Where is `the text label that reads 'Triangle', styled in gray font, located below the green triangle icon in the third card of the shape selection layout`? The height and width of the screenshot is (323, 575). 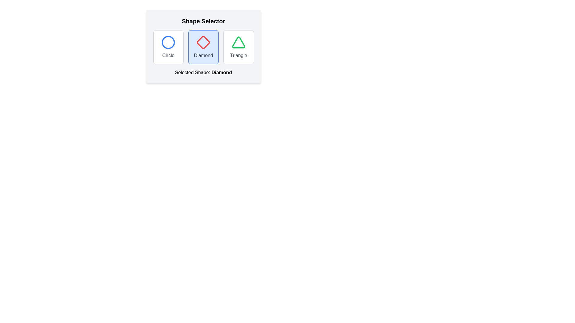
the text label that reads 'Triangle', styled in gray font, located below the green triangle icon in the third card of the shape selection layout is located at coordinates (238, 55).